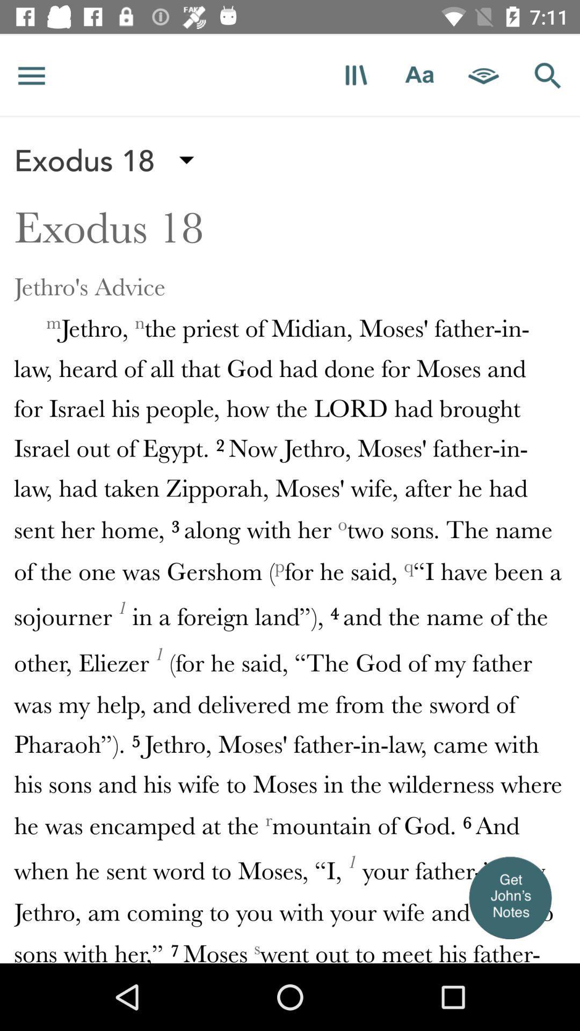 The image size is (580, 1031). I want to click on show user notes, so click(509, 897).